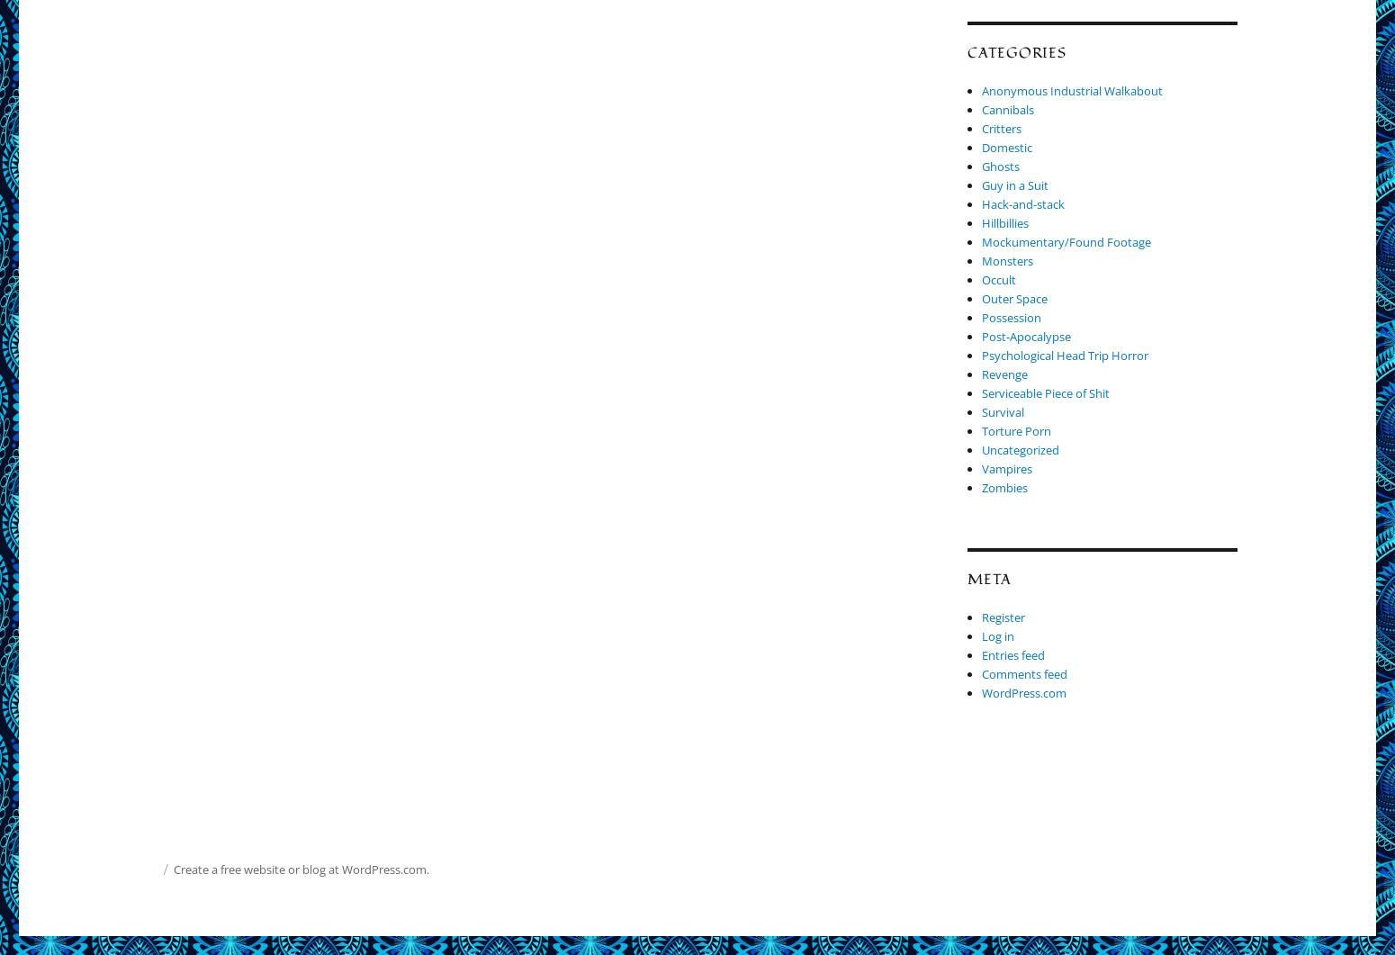 The height and width of the screenshot is (955, 1395). Describe the element at coordinates (300, 869) in the screenshot. I see `'Create a free website or blog at WordPress.com.'` at that location.